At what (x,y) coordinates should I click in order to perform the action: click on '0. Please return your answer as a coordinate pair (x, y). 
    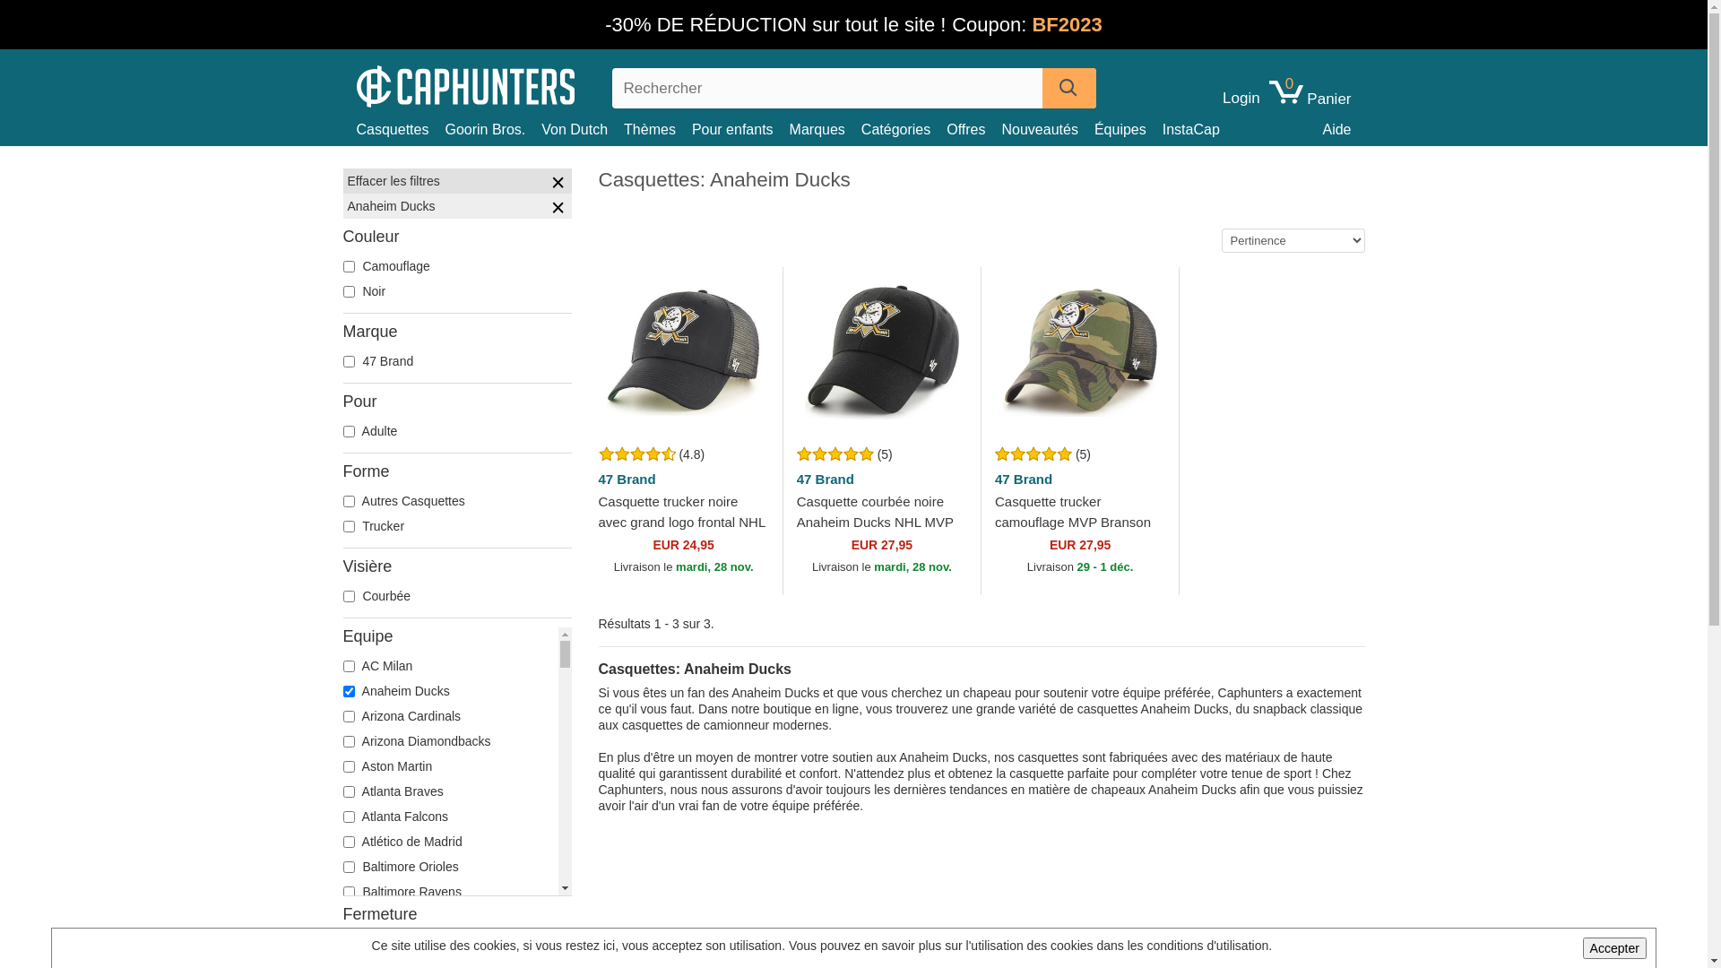
    Looking at the image, I should click on (1310, 99).